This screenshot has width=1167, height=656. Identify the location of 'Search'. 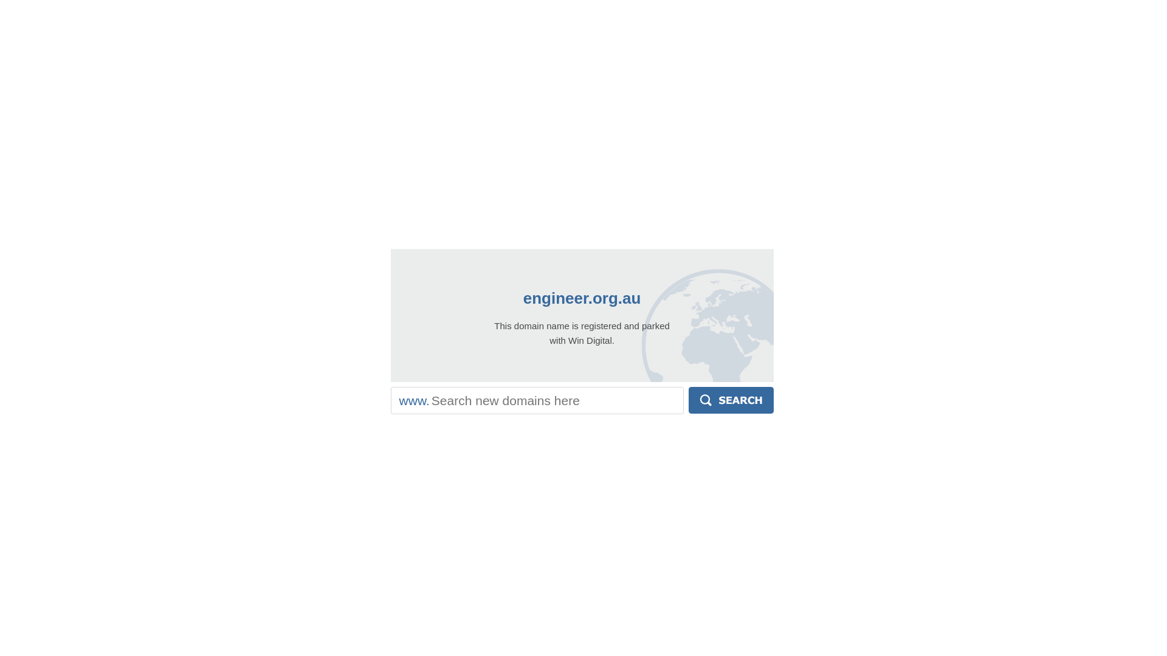
(731, 400).